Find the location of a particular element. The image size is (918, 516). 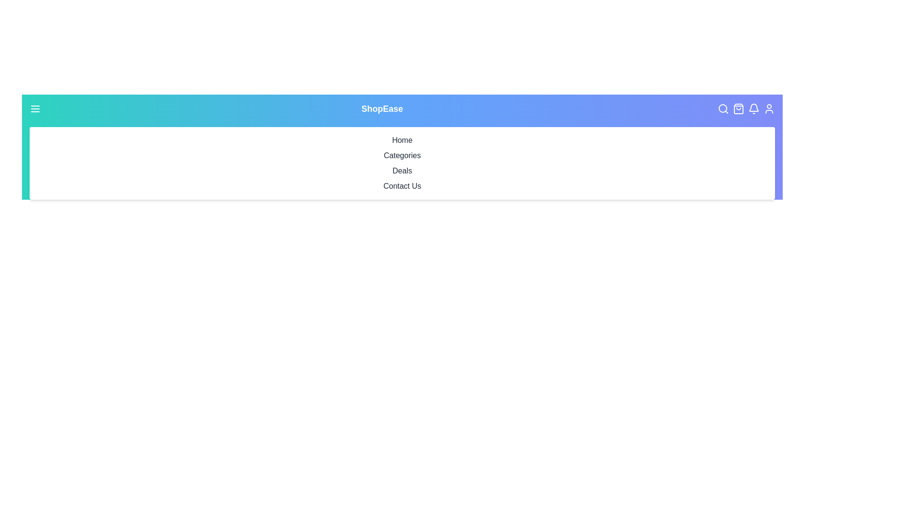

the 'Search' icon in the navigation bar is located at coordinates (725, 108).